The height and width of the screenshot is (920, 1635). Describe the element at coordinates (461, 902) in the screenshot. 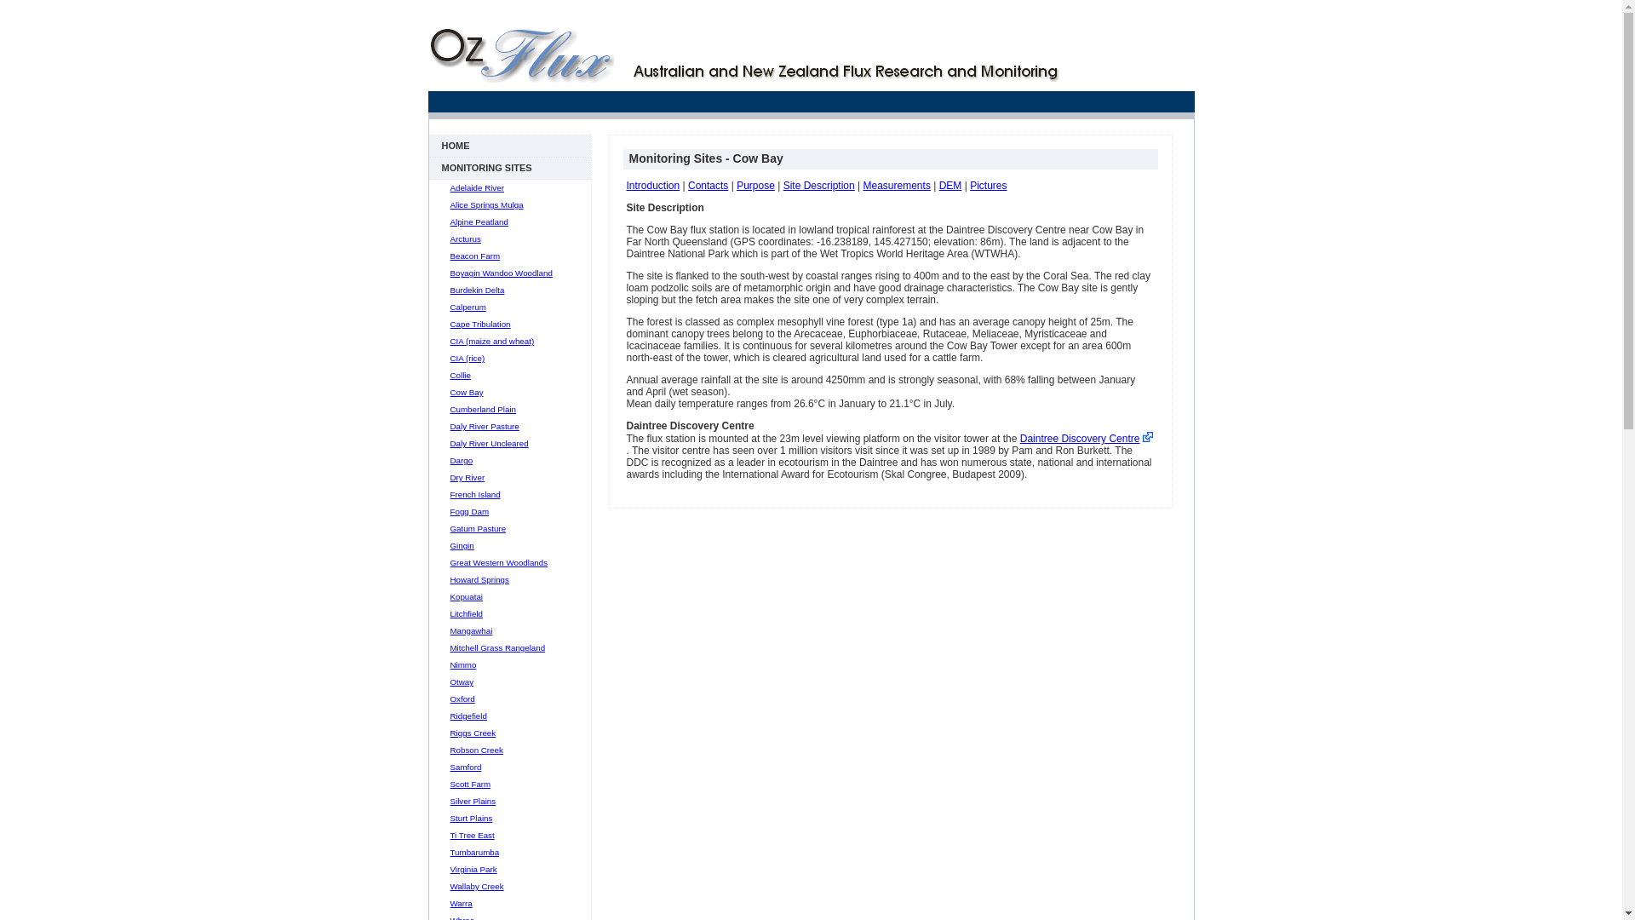

I see `'Warra'` at that location.